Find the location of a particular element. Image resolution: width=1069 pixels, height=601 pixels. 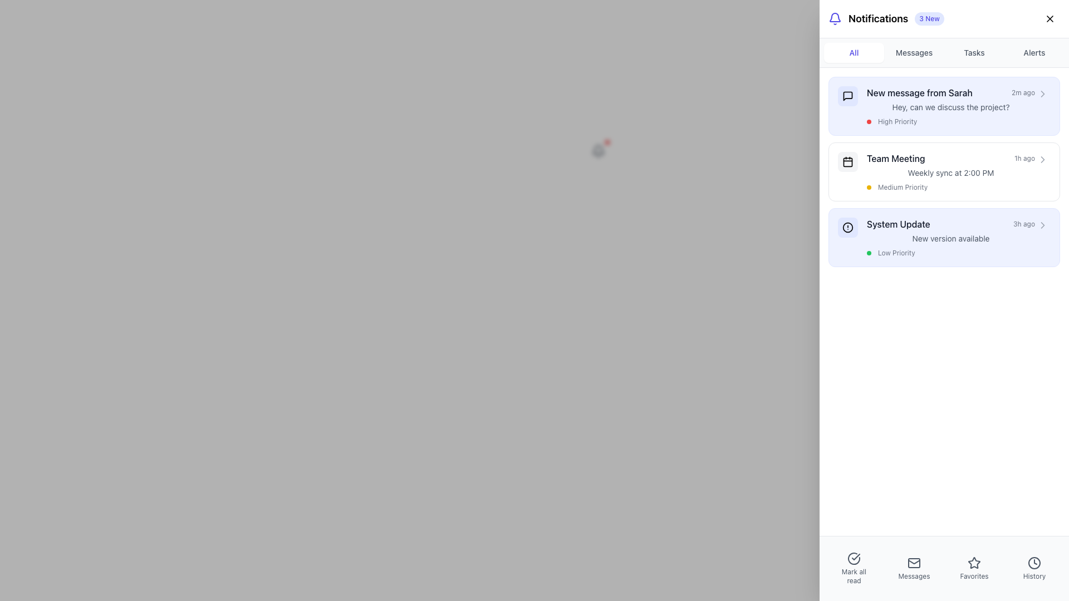

the Label with Badge in the top-right corner of the notification panel is located at coordinates (885, 19).